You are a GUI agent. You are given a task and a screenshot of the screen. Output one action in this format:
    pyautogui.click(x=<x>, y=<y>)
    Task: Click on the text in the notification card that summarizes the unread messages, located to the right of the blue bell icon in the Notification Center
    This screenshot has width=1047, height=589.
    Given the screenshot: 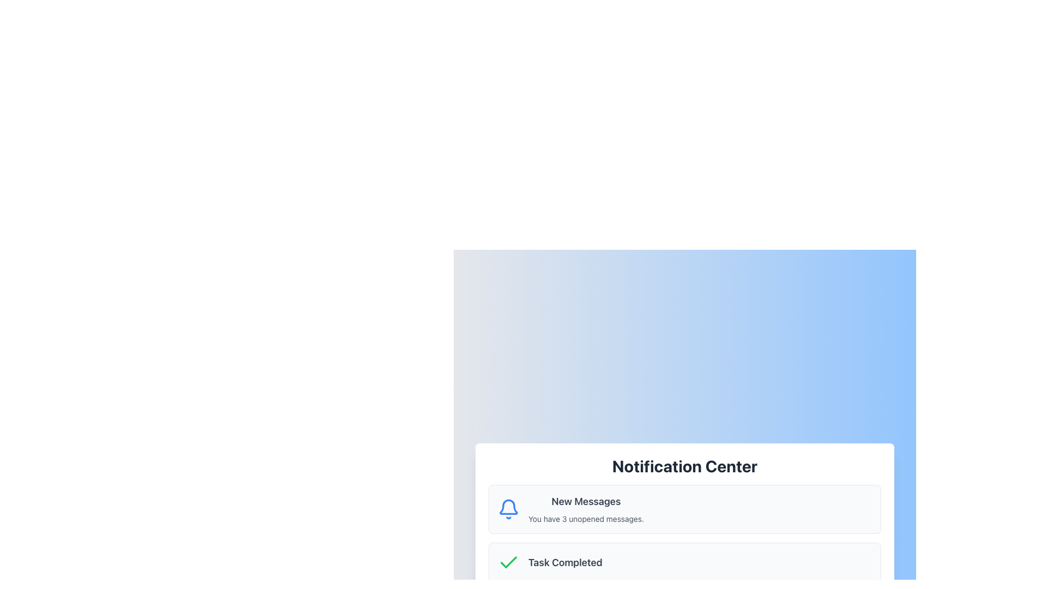 What is the action you would take?
    pyautogui.click(x=586, y=509)
    